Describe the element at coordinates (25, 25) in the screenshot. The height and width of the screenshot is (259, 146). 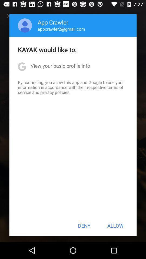
I see `icon to the left of the app crawler icon` at that location.